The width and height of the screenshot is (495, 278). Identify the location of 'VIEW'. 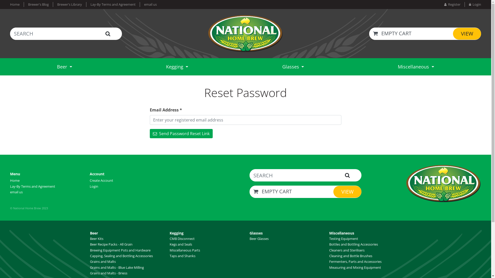
(467, 34).